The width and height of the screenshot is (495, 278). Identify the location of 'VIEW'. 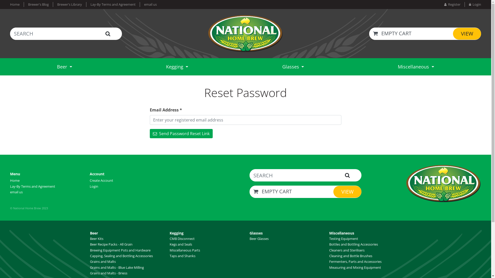
(467, 34).